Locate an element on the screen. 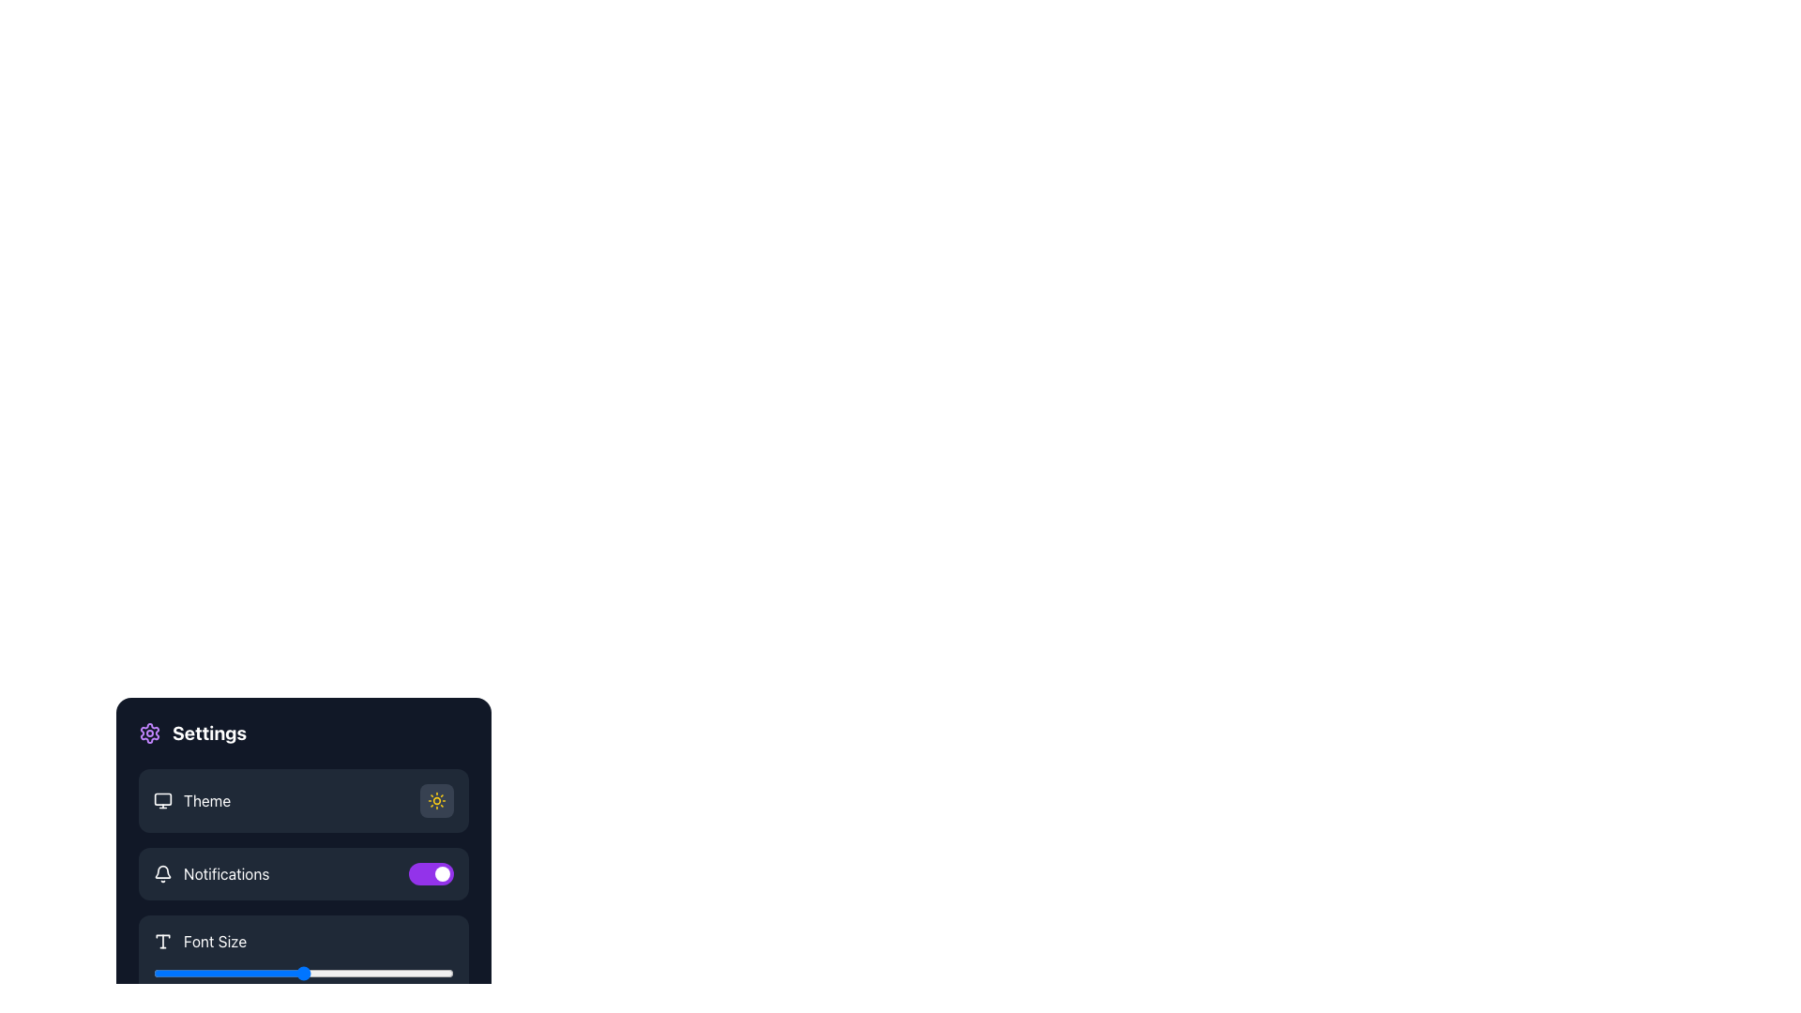 This screenshot has height=1013, width=1801. the 'Theme' button-like UI component in the settings interface is located at coordinates (192, 800).